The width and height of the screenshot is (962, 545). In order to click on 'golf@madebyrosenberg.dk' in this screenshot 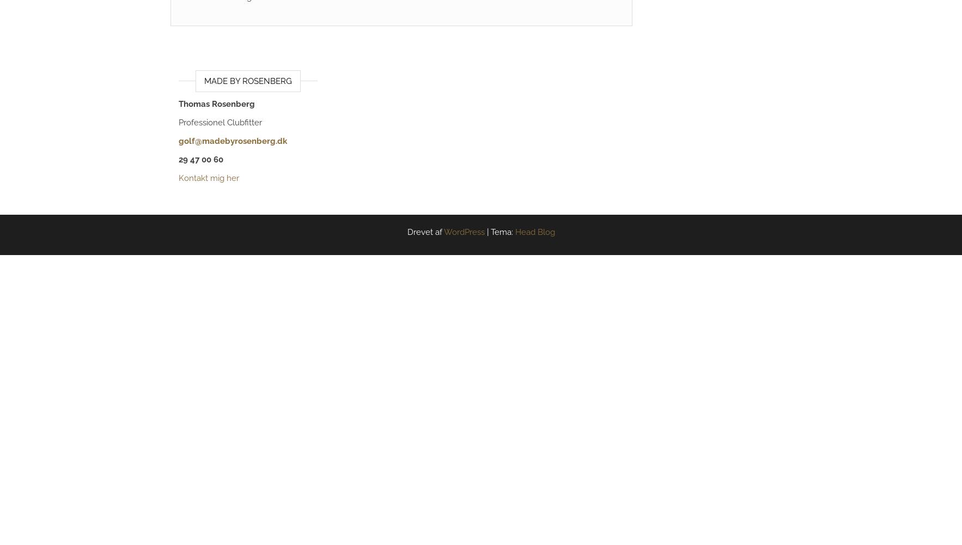, I will do `click(178, 141)`.